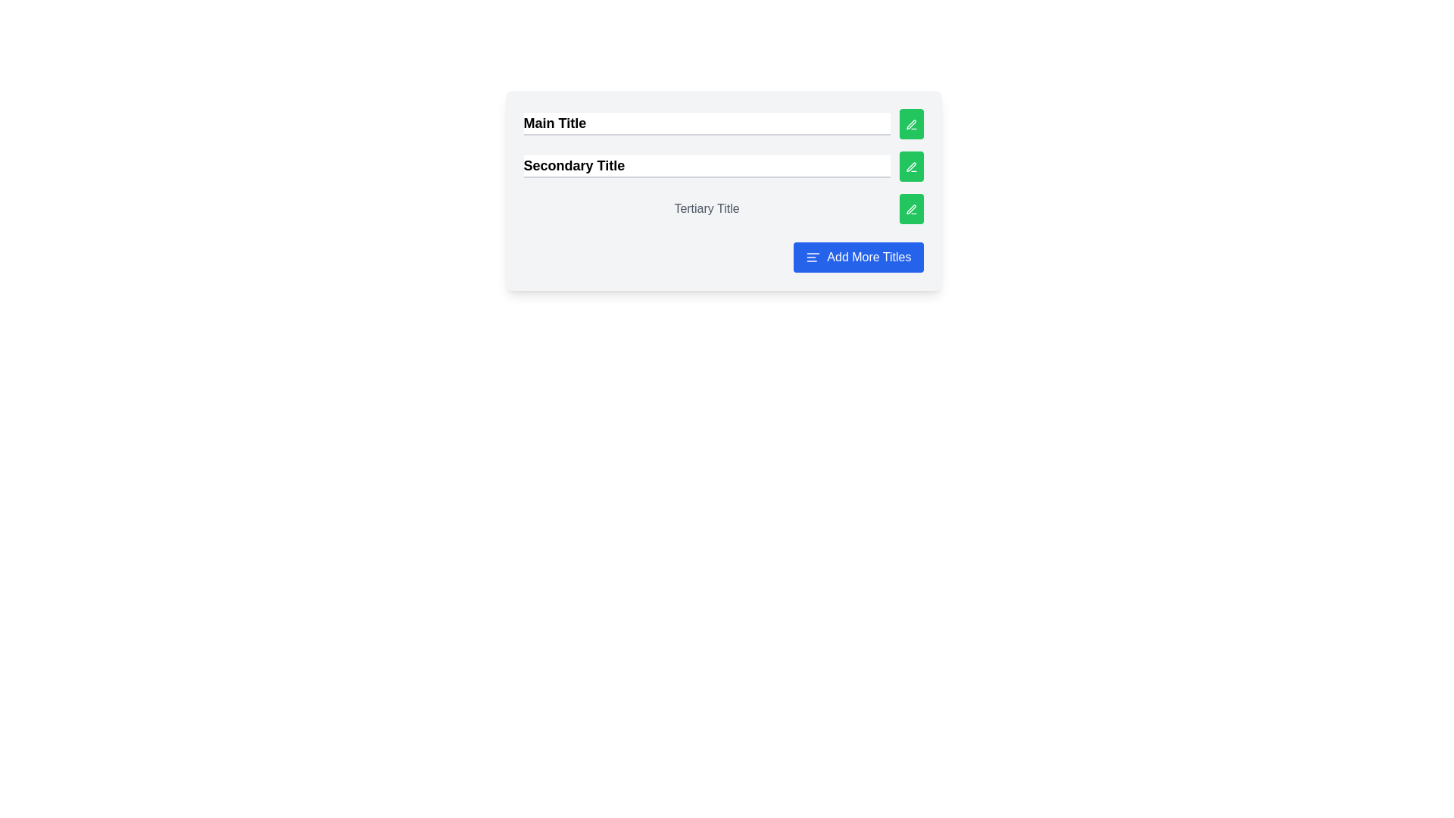 The height and width of the screenshot is (818, 1454). I want to click on the action button that initiates the edit operation for the 'Main Title' input field, so click(910, 123).